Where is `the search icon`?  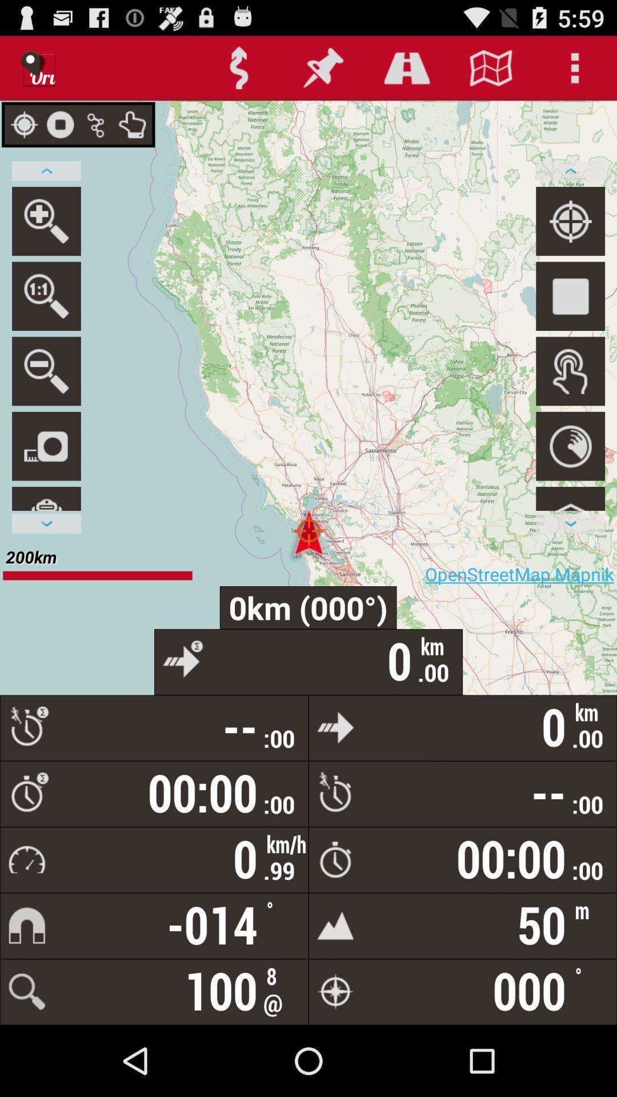 the search icon is located at coordinates (46, 236).